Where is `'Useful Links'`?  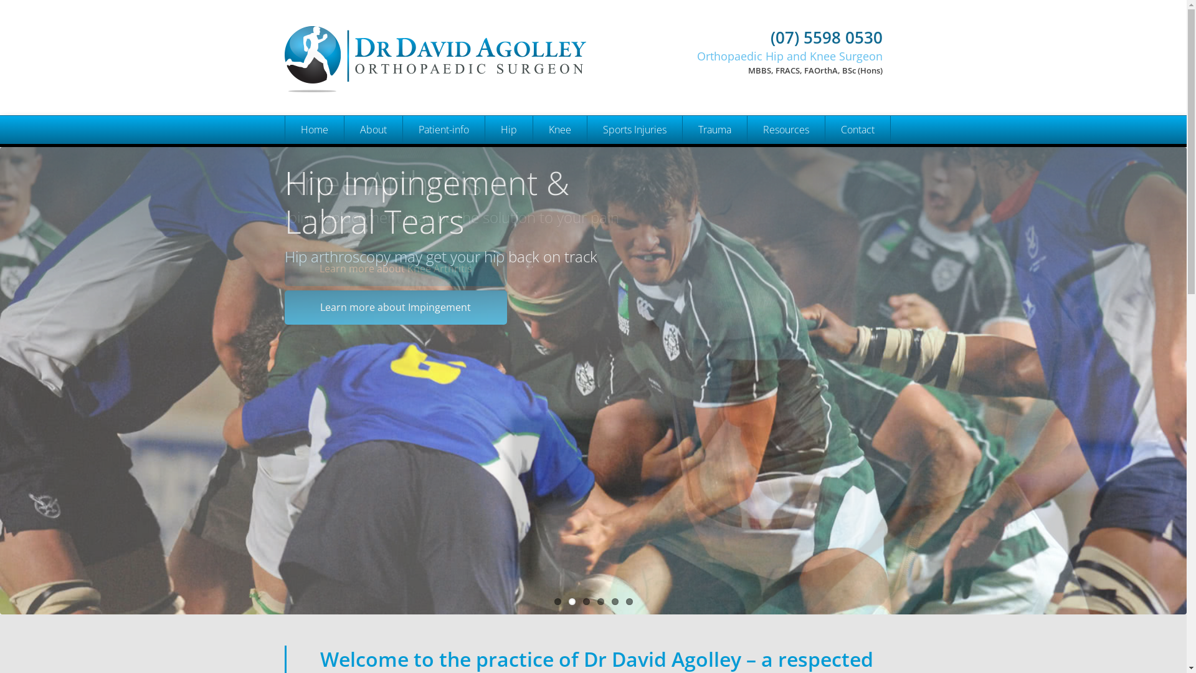
'Useful Links' is located at coordinates (746, 242).